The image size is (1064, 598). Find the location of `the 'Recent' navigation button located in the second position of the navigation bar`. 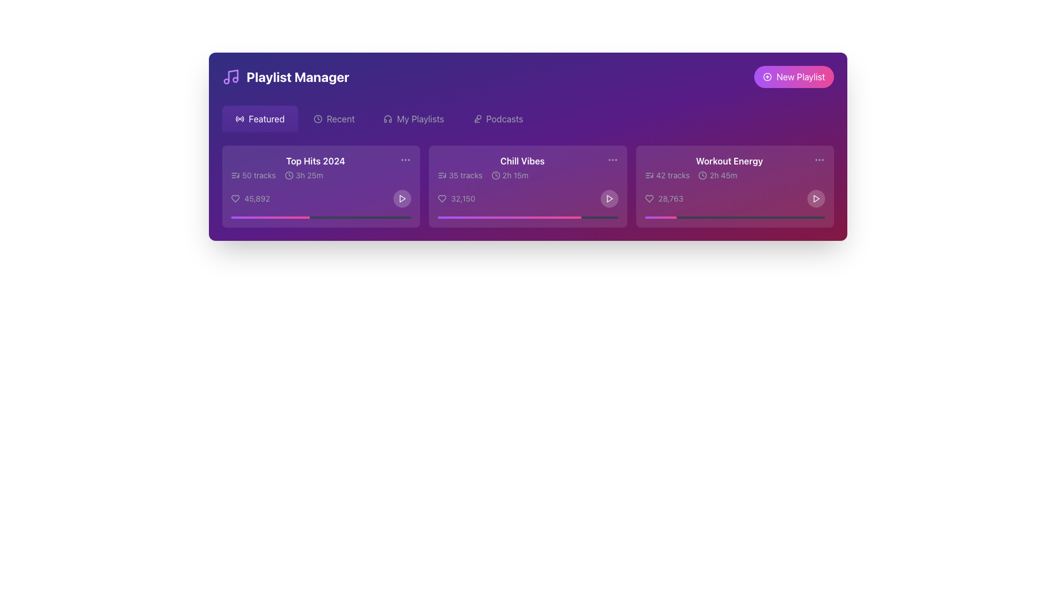

the 'Recent' navigation button located in the second position of the navigation bar is located at coordinates (334, 119).